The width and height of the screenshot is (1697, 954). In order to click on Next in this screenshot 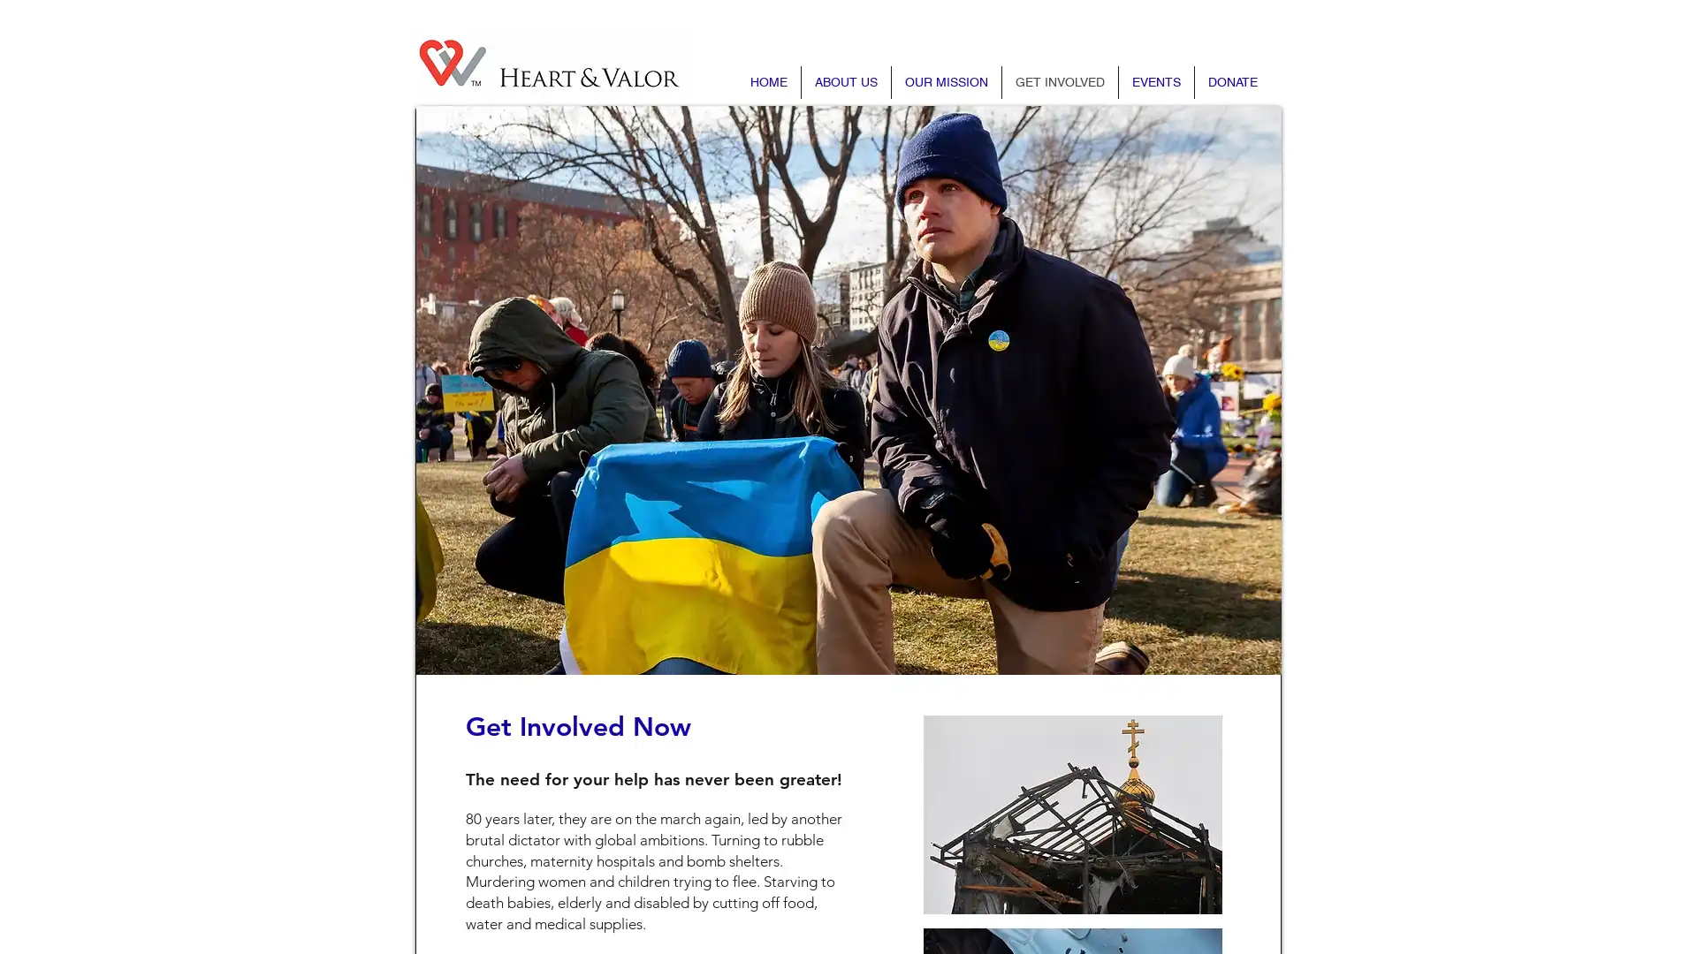, I will do `click(1216, 389)`.